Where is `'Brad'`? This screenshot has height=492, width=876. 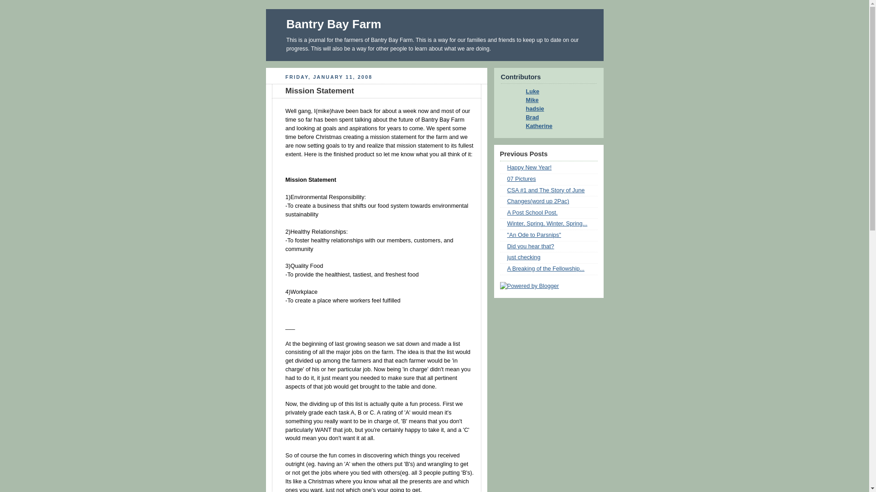
'Brad' is located at coordinates (519, 117).